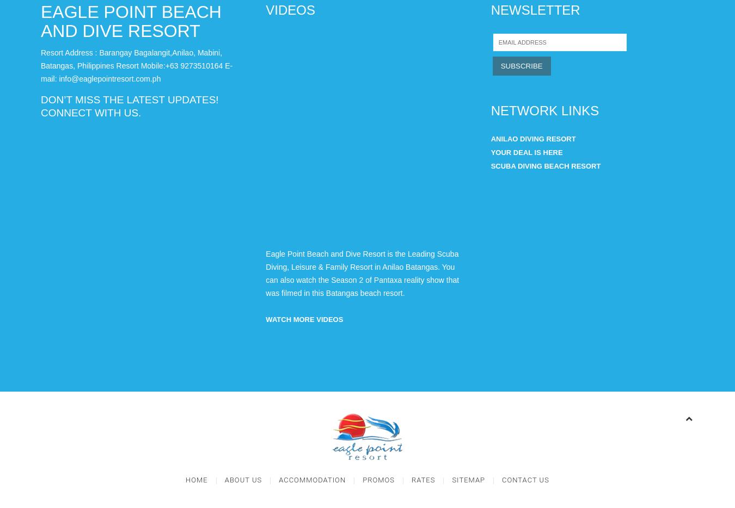 The width and height of the screenshot is (735, 508). What do you see at coordinates (90, 112) in the screenshot?
I see `'CONNECT WITH US.'` at bounding box center [90, 112].